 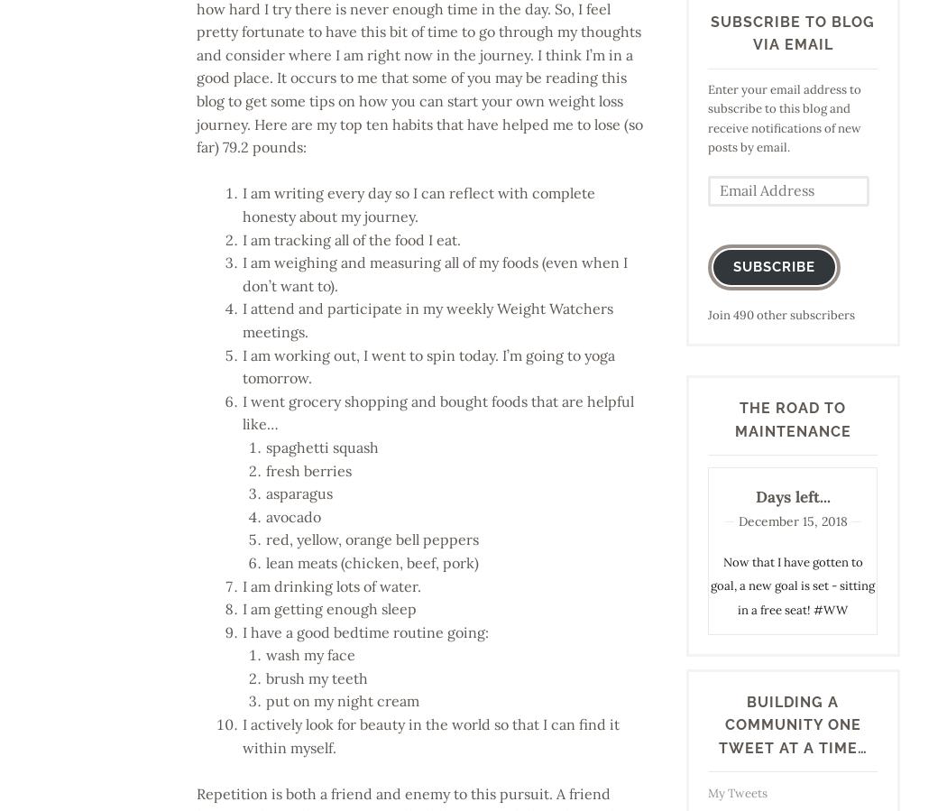 I want to click on 'fresh berries', so click(x=307, y=469).